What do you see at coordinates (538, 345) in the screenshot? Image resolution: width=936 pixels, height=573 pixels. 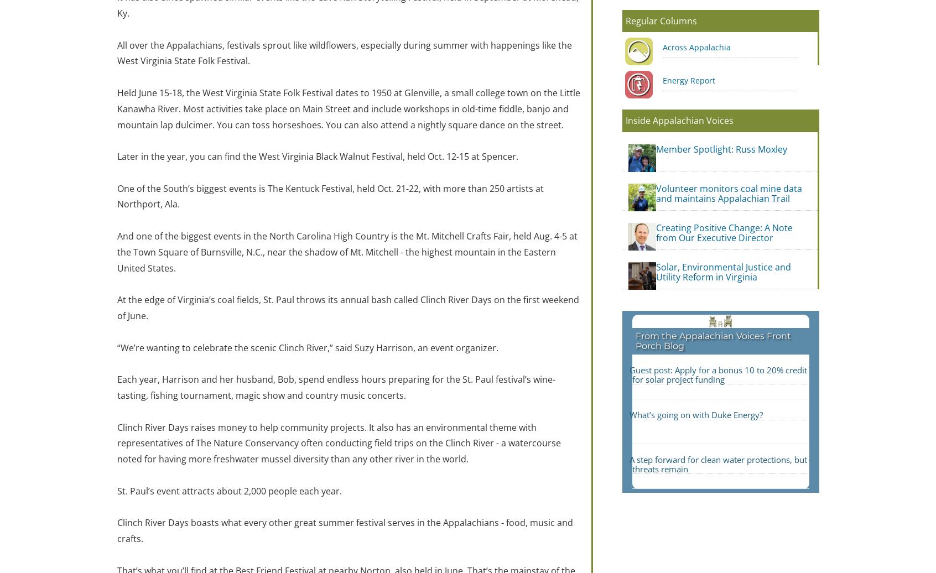 I see `'Subscribe'` at bounding box center [538, 345].